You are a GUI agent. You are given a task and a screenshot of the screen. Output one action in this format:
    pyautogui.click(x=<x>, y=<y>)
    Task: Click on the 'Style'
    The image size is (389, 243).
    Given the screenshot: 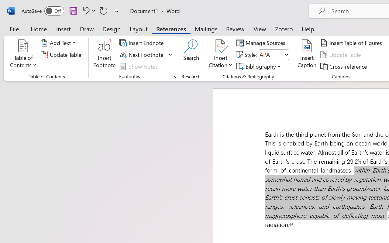 What is the action you would take?
    pyautogui.click(x=274, y=54)
    